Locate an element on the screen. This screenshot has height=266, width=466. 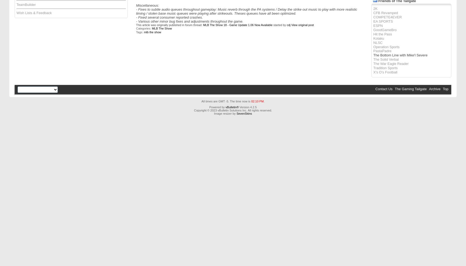
'Image resizer by' is located at coordinates (225, 114).